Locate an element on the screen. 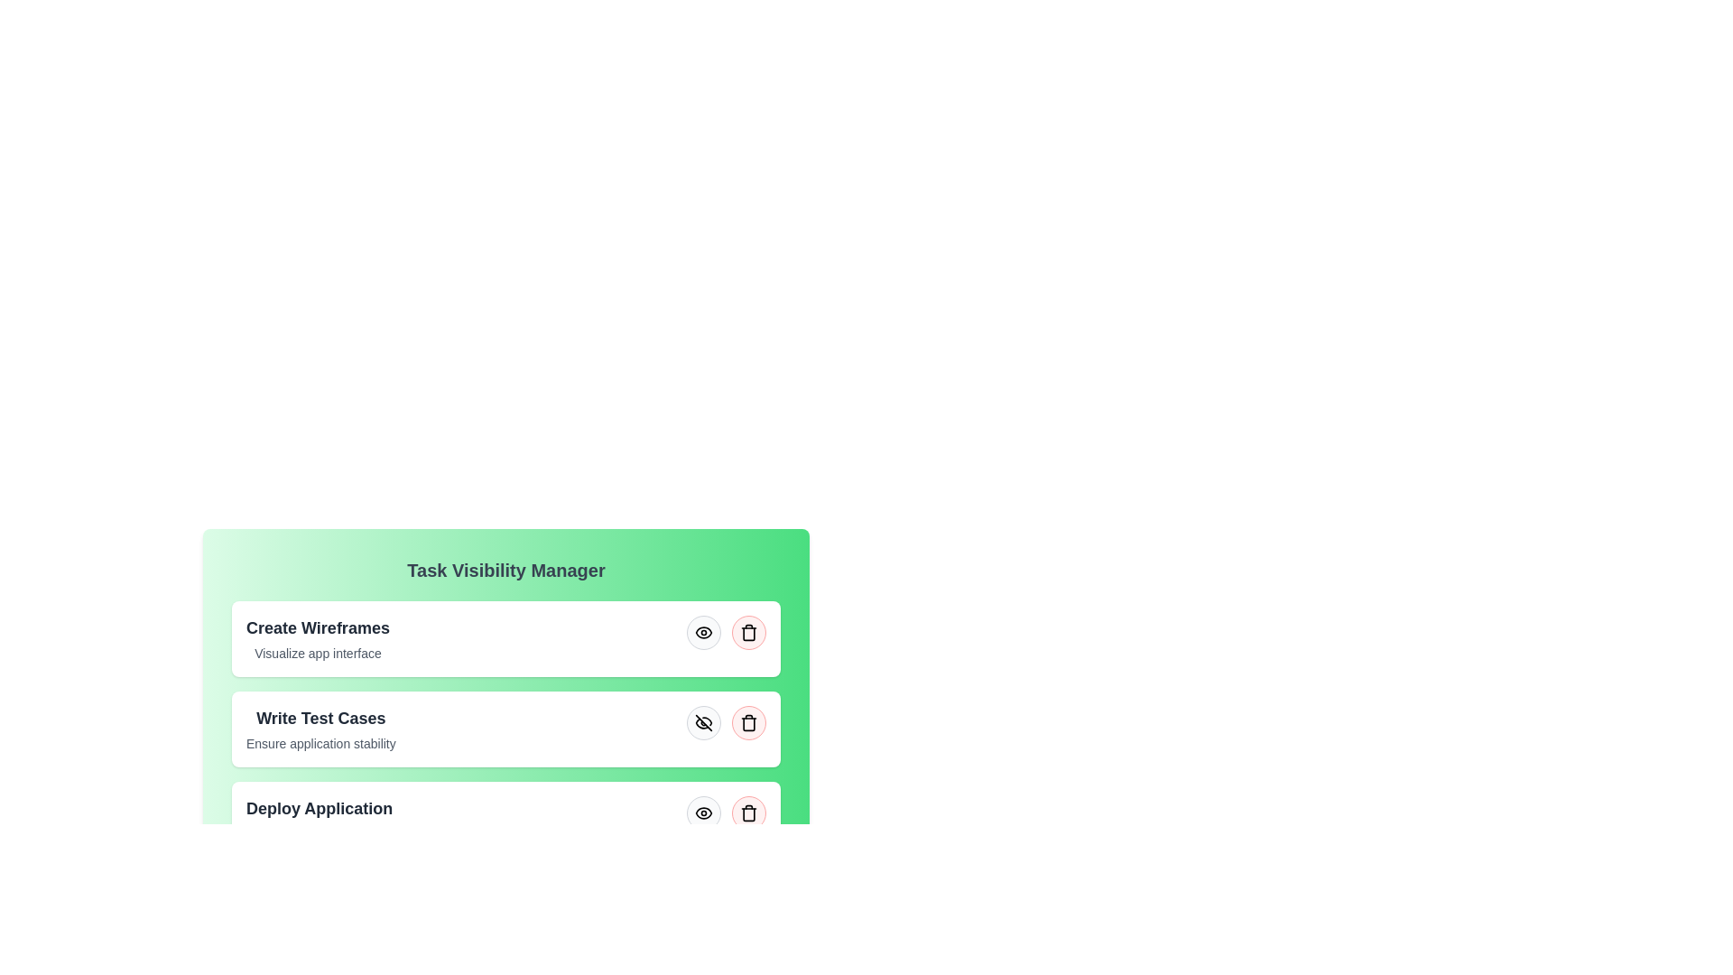 The width and height of the screenshot is (1733, 975). trash icon to remove the task with the title Deploy Application is located at coordinates (749, 813).